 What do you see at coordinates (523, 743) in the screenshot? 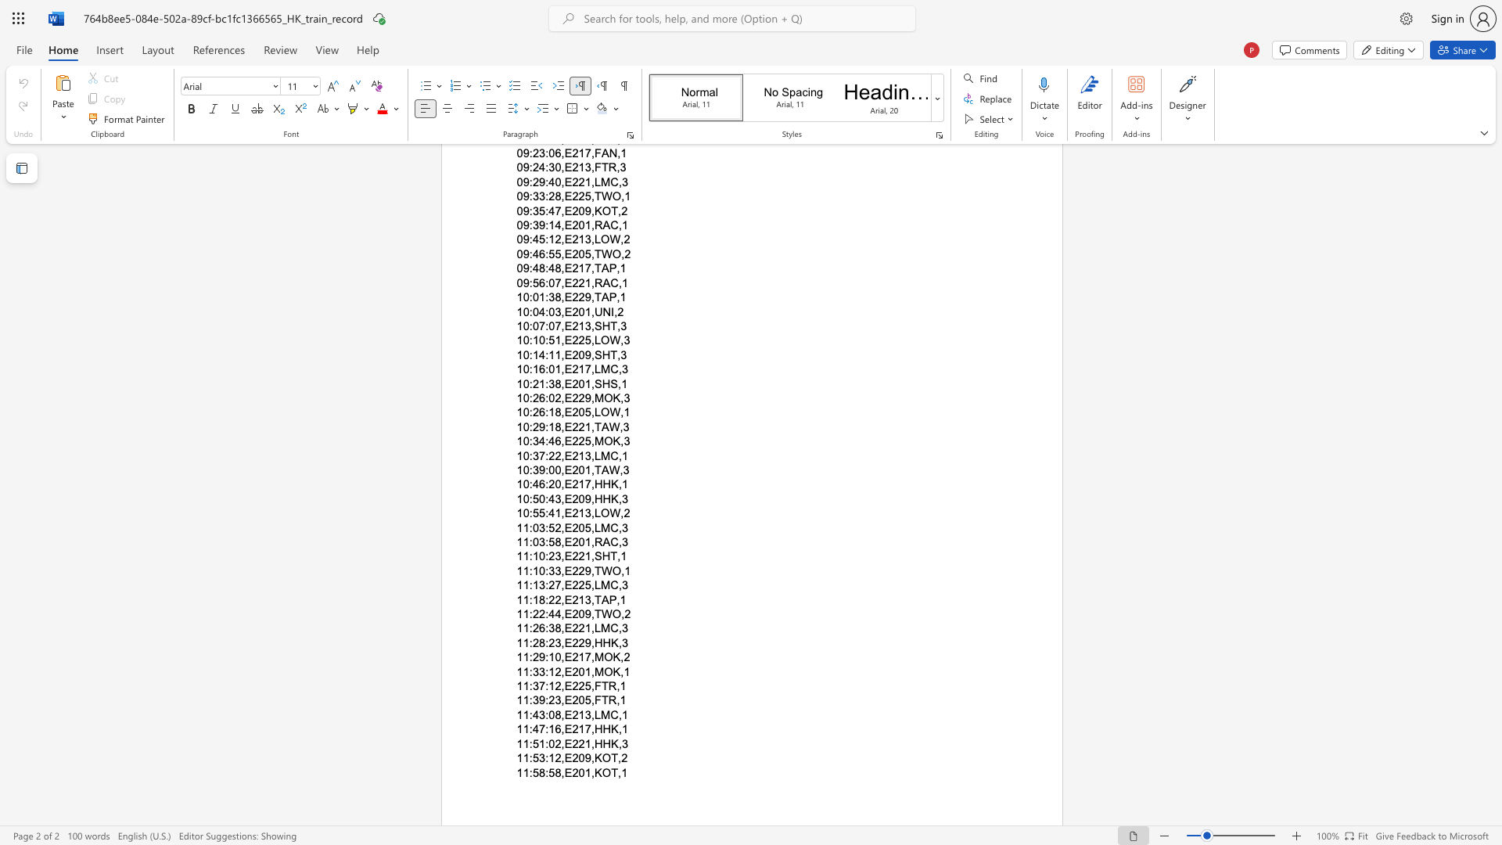
I see `the subset text "1:51:" within the text "11:51:02,E221,HHK,3"` at bounding box center [523, 743].